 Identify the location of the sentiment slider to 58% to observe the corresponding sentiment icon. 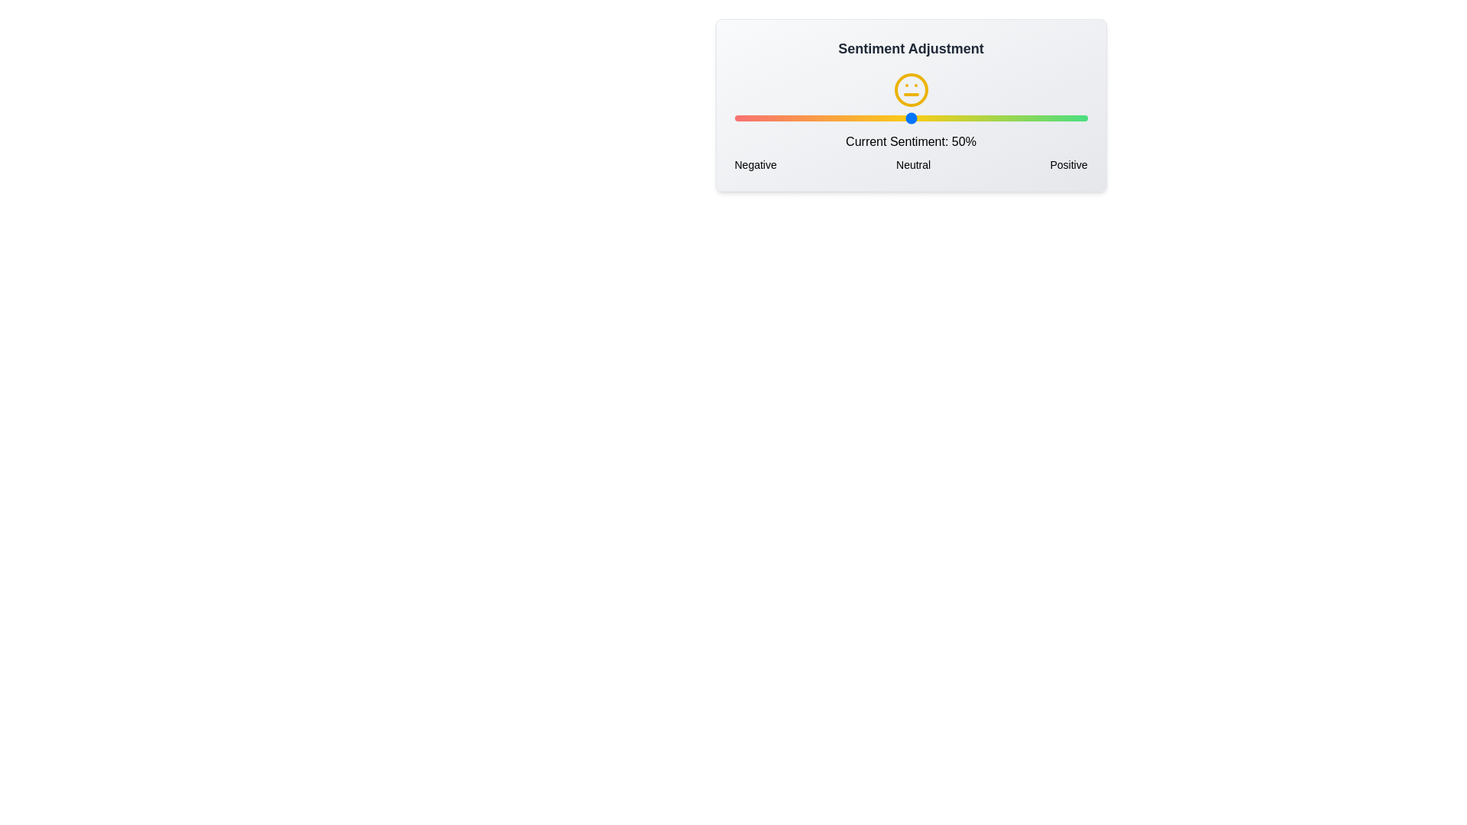
(938, 117).